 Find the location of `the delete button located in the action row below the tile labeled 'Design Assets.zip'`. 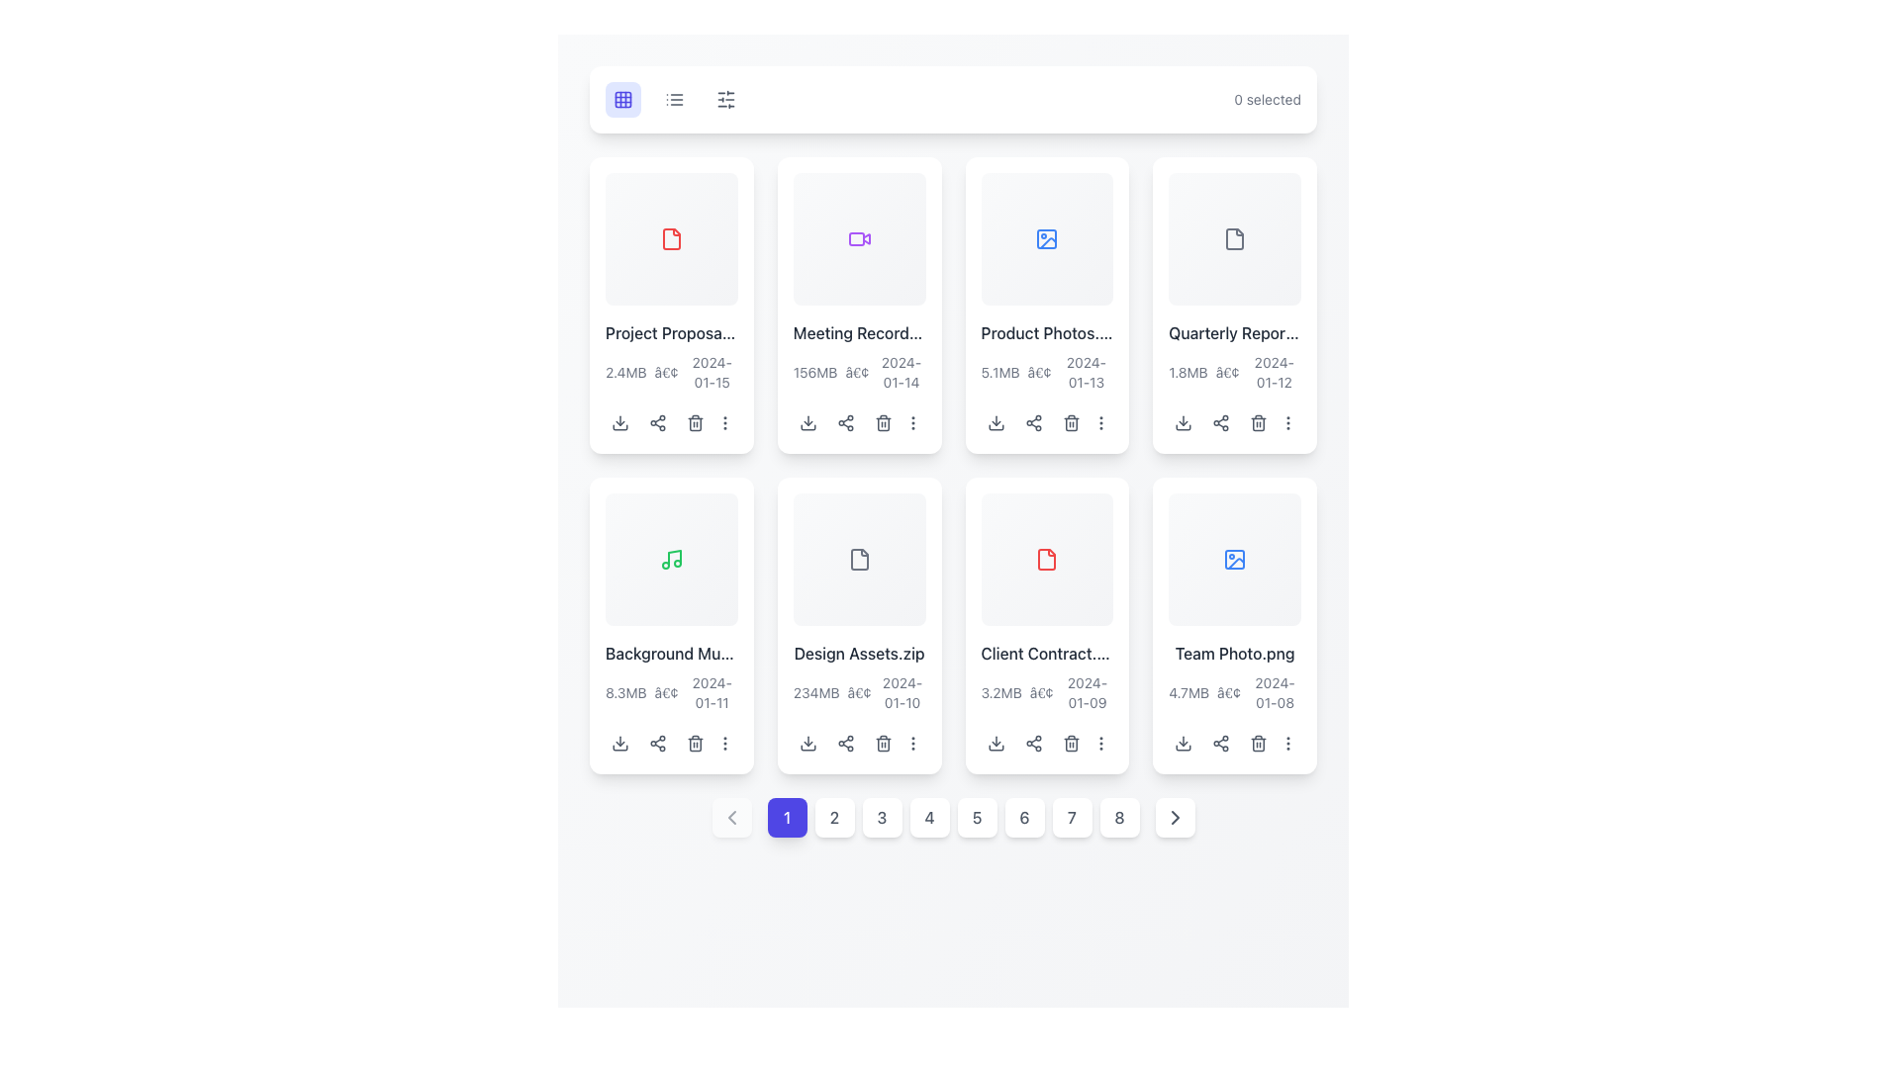

the delete button located in the action row below the tile labeled 'Design Assets.zip' is located at coordinates (882, 743).